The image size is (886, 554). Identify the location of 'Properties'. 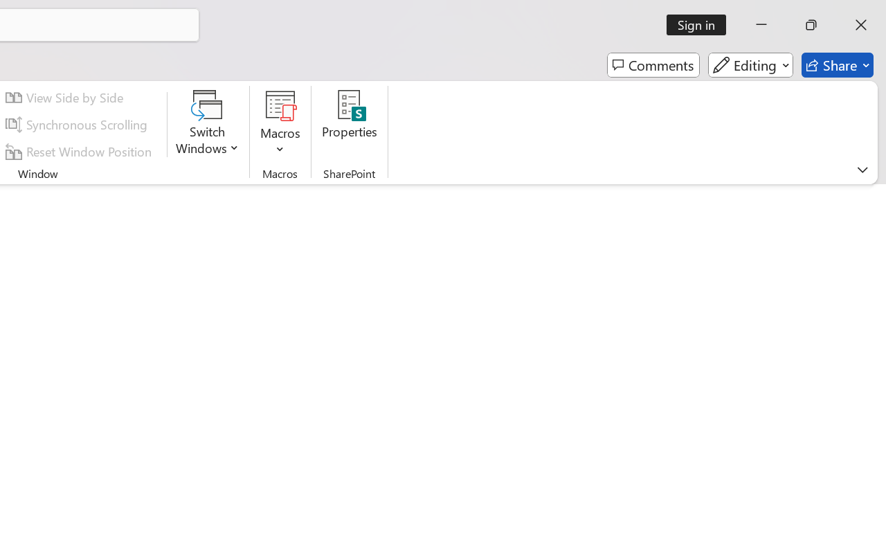
(350, 124).